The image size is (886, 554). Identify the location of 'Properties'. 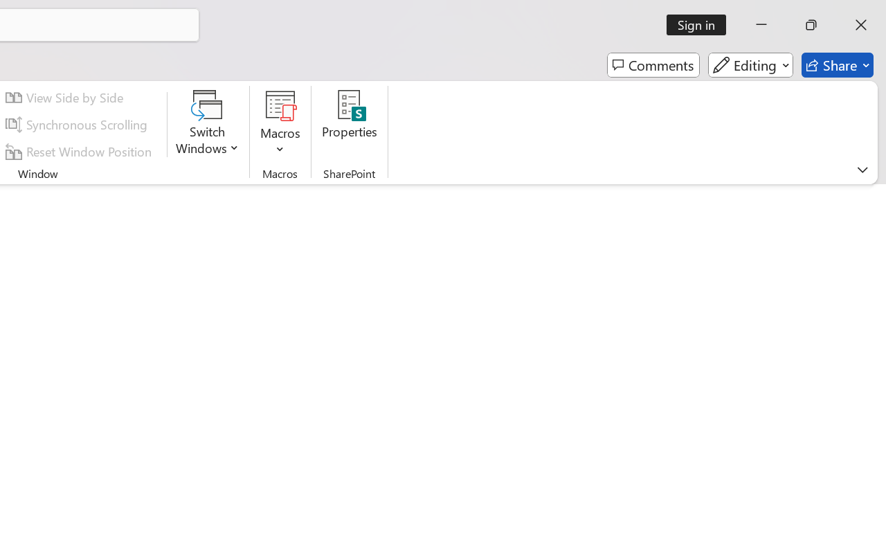
(350, 124).